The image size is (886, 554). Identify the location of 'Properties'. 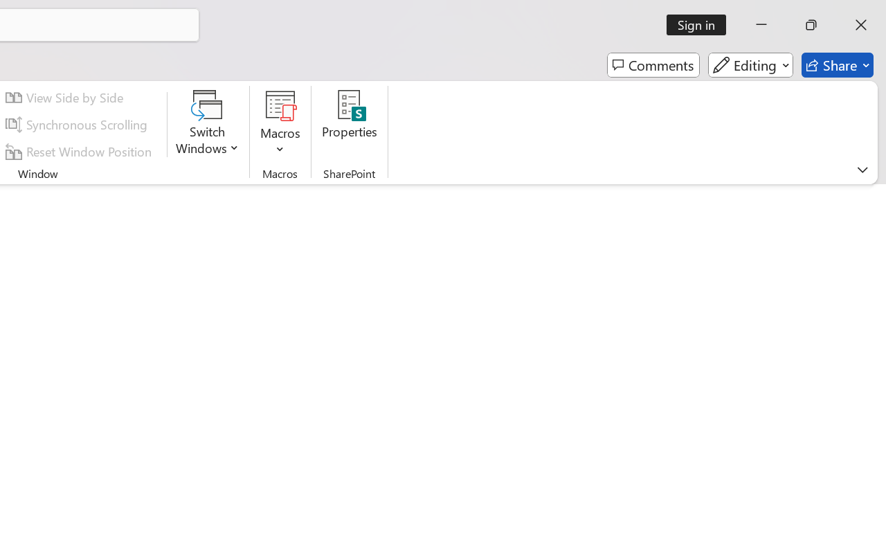
(350, 124).